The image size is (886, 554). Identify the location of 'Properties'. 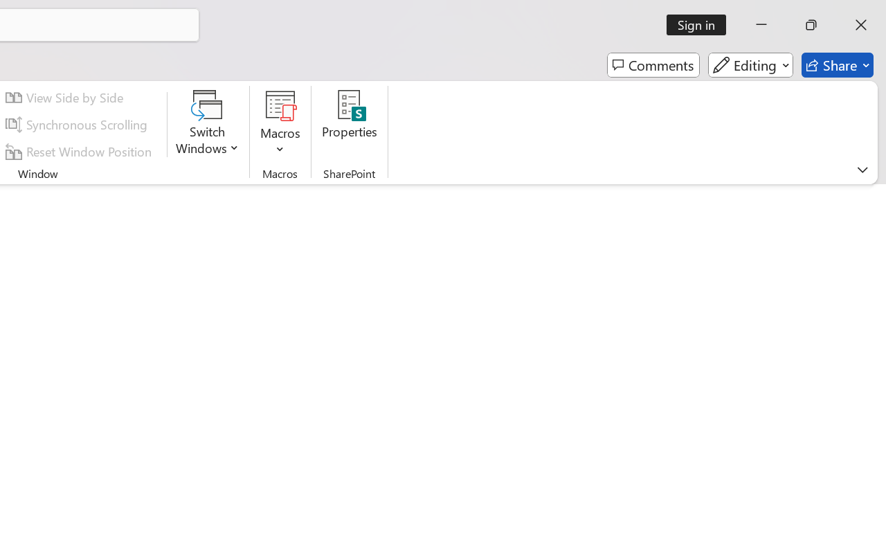
(350, 124).